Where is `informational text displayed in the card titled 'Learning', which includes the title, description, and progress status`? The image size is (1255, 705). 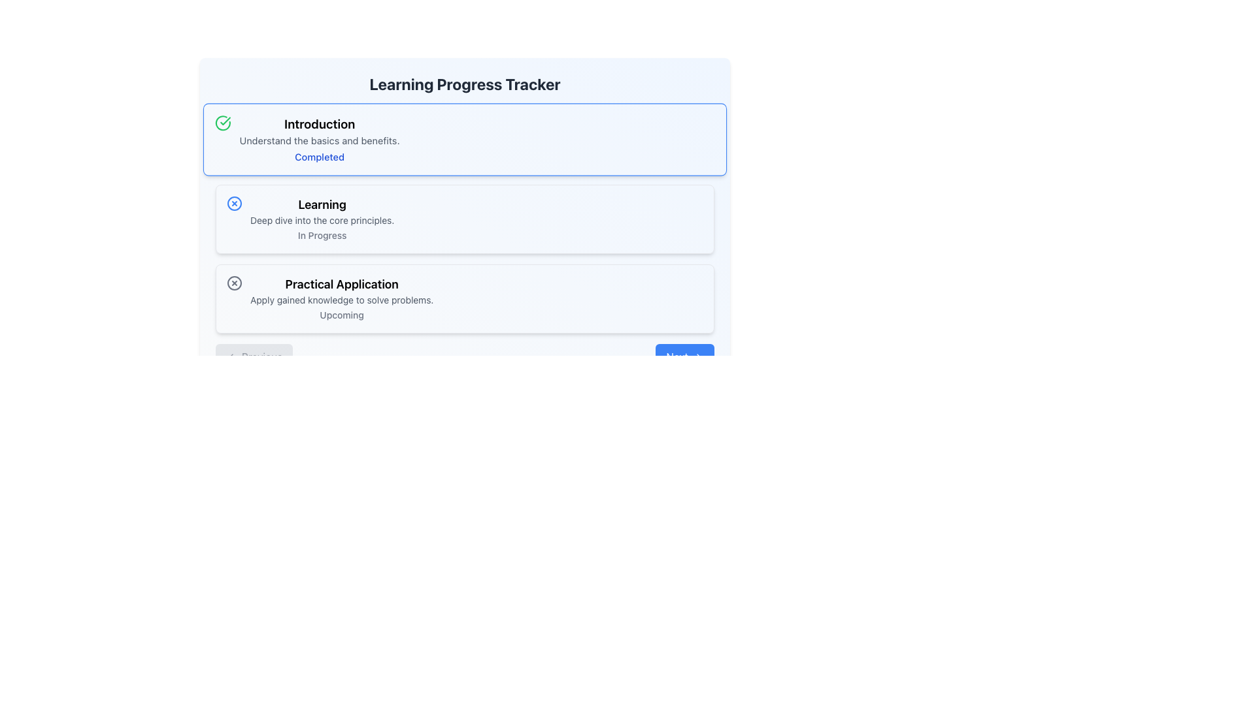 informational text displayed in the card titled 'Learning', which includes the title, description, and progress status is located at coordinates (322, 218).